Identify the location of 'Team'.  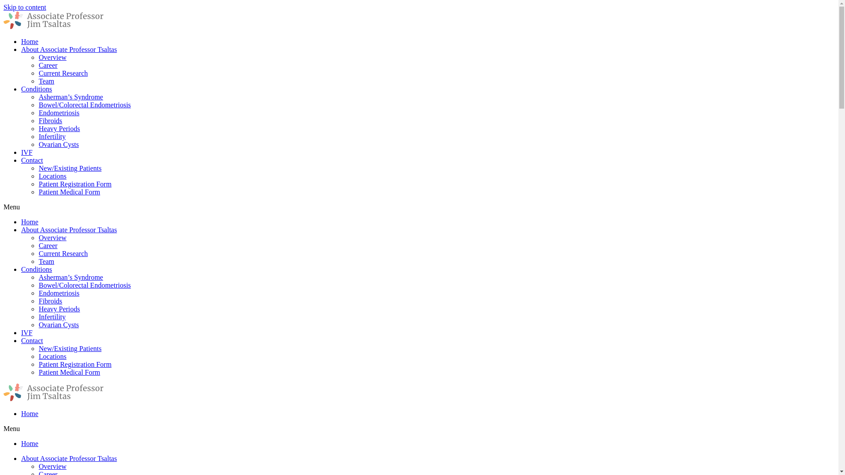
(46, 261).